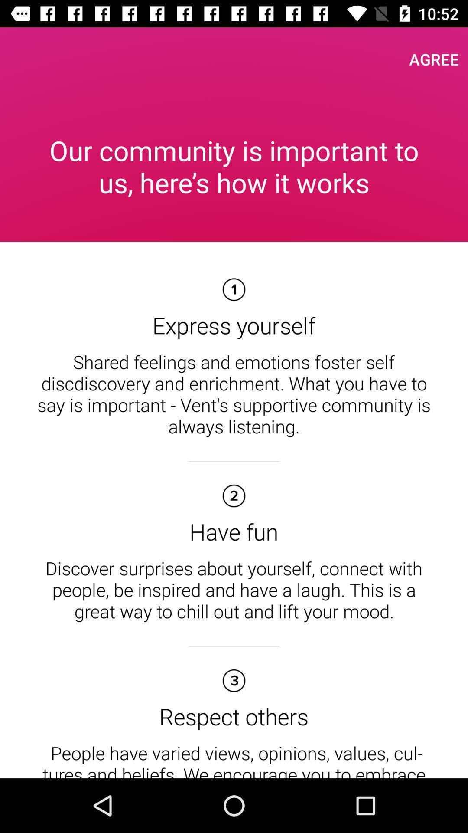  What do you see at coordinates (434, 59) in the screenshot?
I see `the icon above our community is icon` at bounding box center [434, 59].